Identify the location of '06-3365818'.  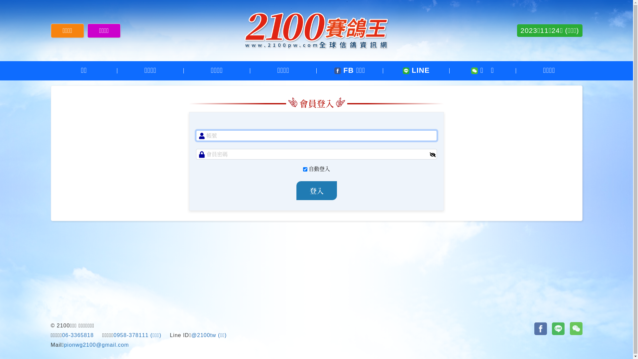
(78, 335).